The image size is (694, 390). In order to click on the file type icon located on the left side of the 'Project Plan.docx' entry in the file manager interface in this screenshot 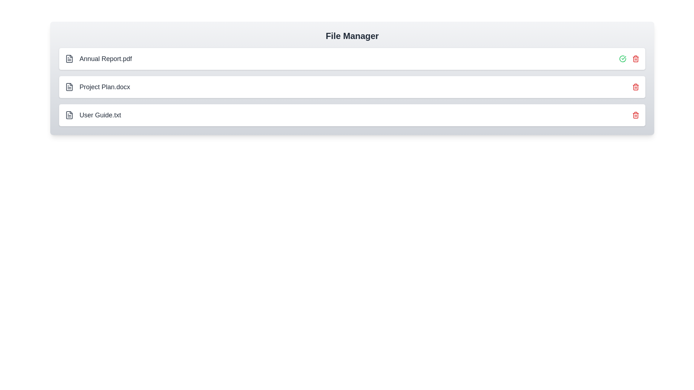, I will do `click(69, 86)`.